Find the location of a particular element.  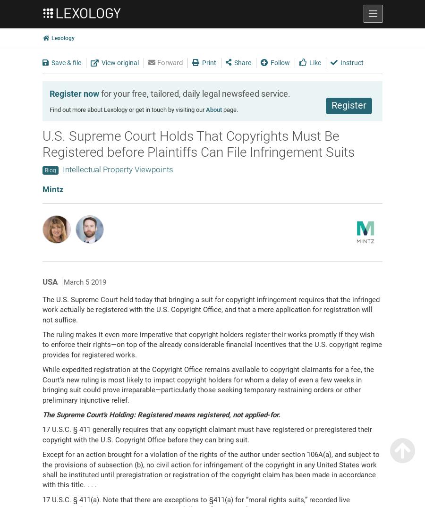

'While expedited registration at the Copyright Office remains available to copyright claimants for a fee, the Court’s new ruling is most likely to impact copyright holders for whom a delay of even a few weeks in bringing suit could prove irreparable—particularly those seeking temporary restraining orders or other preliminary injunctive relief.' is located at coordinates (208, 384).